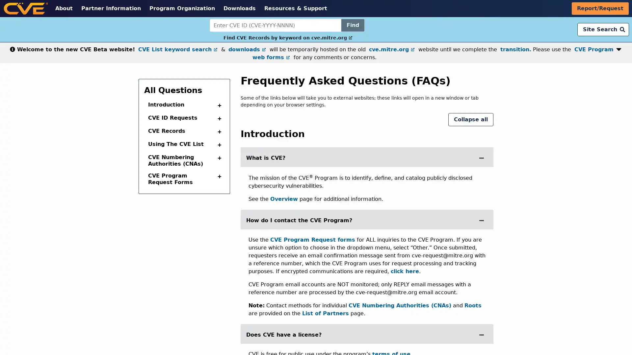  What do you see at coordinates (218, 158) in the screenshot?
I see `expand` at bounding box center [218, 158].